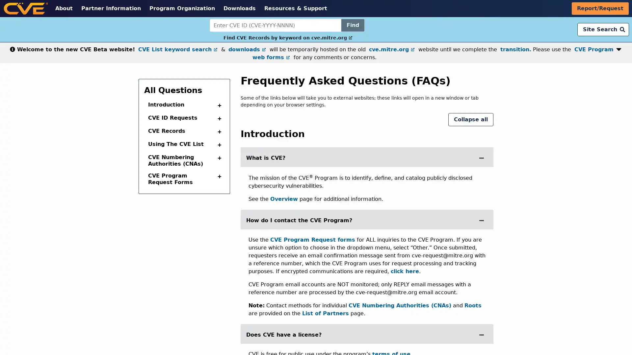  What do you see at coordinates (218, 158) in the screenshot?
I see `expand` at bounding box center [218, 158].